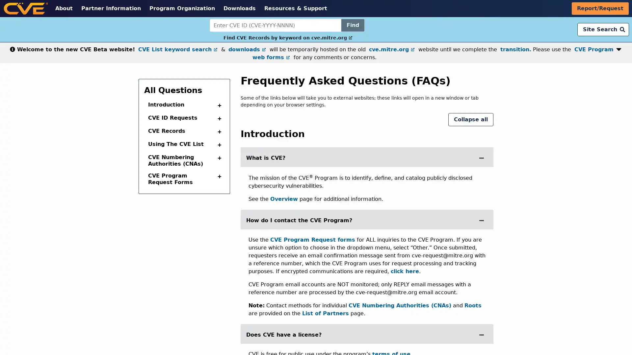  What do you see at coordinates (218, 158) in the screenshot?
I see `expand` at bounding box center [218, 158].